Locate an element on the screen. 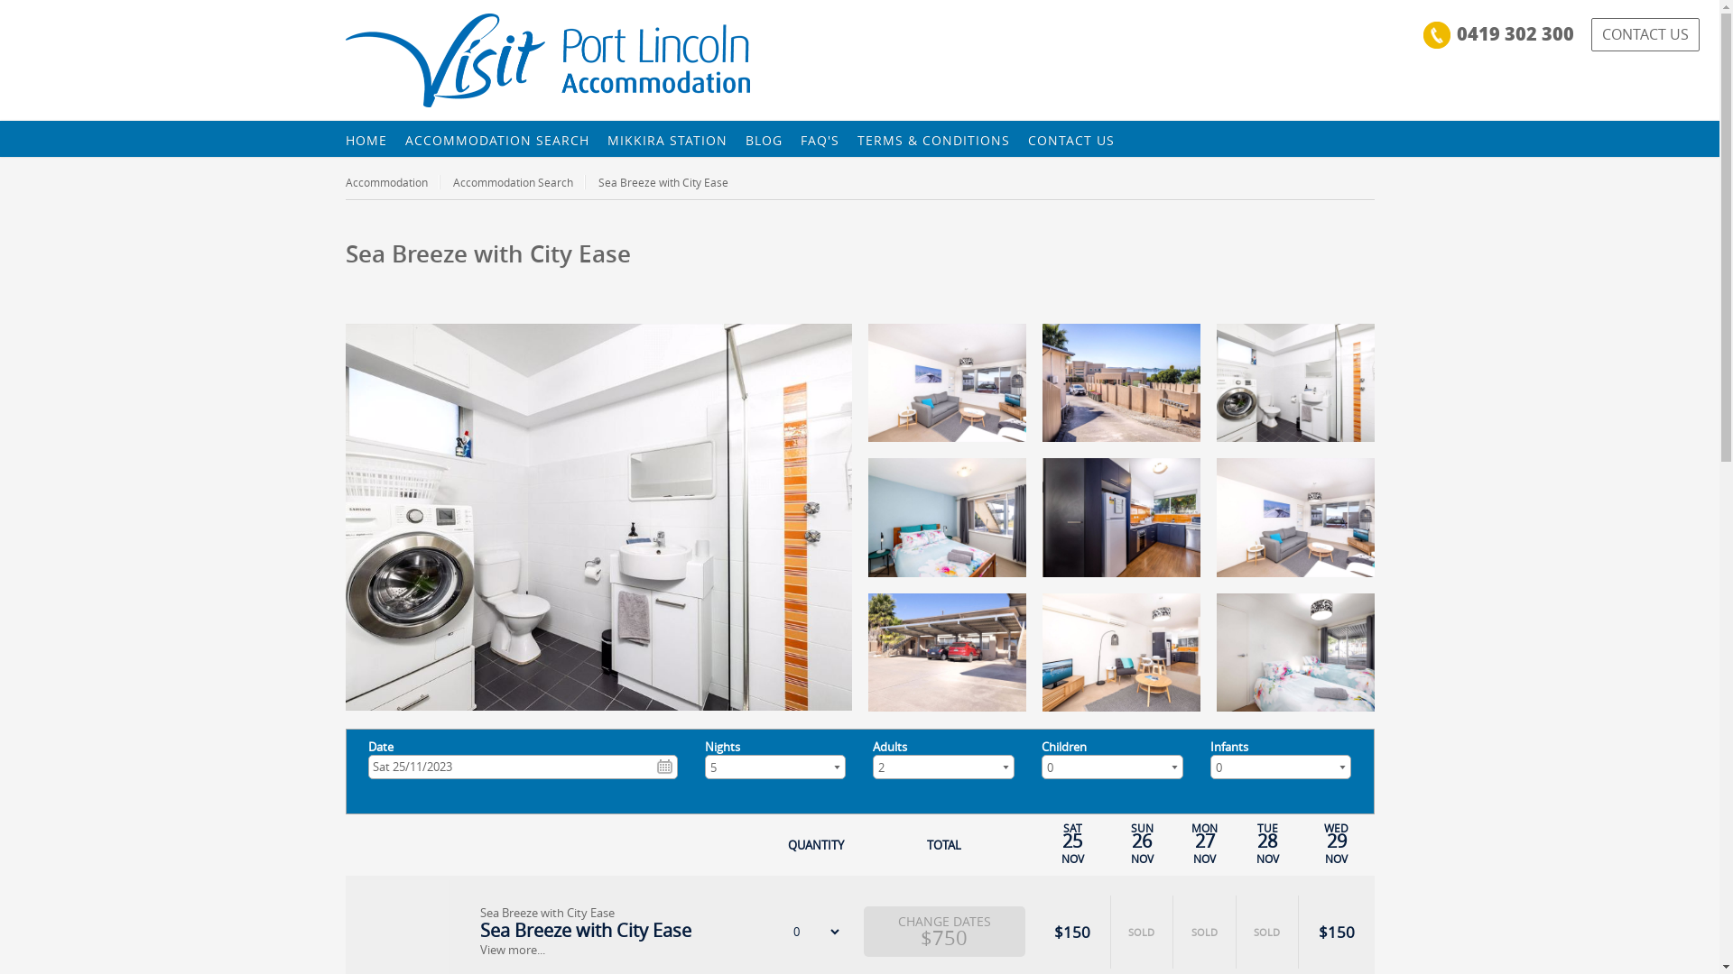 The image size is (1733, 974). 'TERMS & CONDITIONS' is located at coordinates (857, 139).